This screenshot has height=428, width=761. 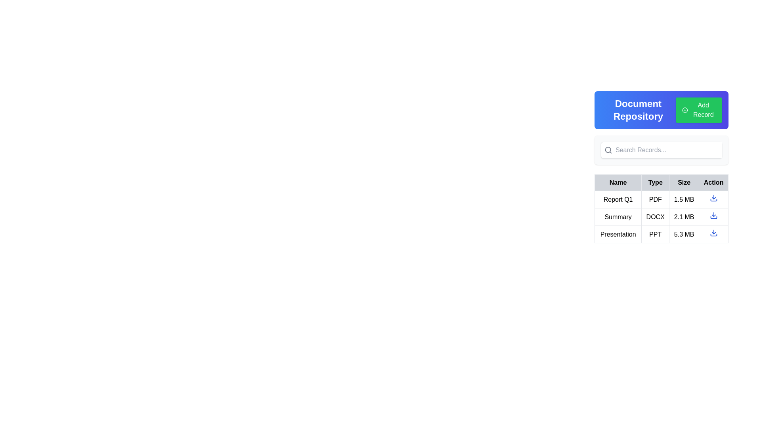 I want to click on the header element labeled 'Document Repository', so click(x=662, y=110).